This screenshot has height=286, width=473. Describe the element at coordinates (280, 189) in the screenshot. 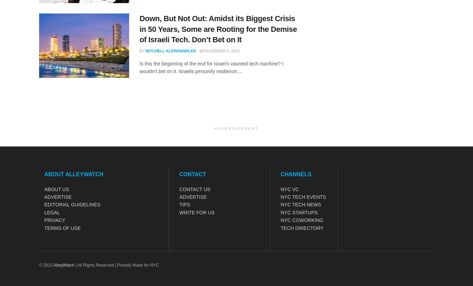

I see `'NYC VC'` at that location.